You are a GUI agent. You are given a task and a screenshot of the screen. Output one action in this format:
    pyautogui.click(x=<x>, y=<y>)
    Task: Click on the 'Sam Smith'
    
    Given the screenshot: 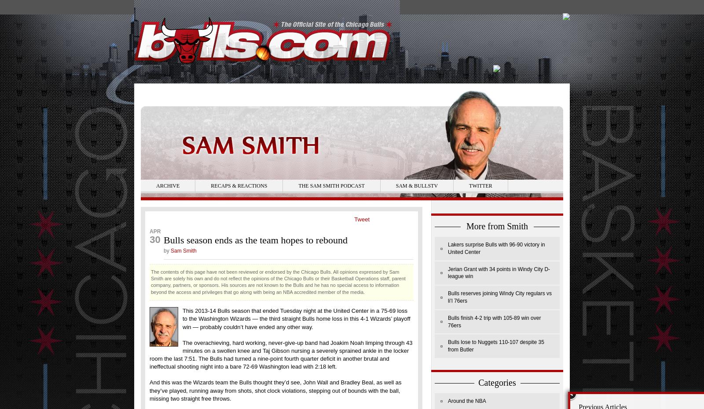 What is the action you would take?
    pyautogui.click(x=183, y=250)
    